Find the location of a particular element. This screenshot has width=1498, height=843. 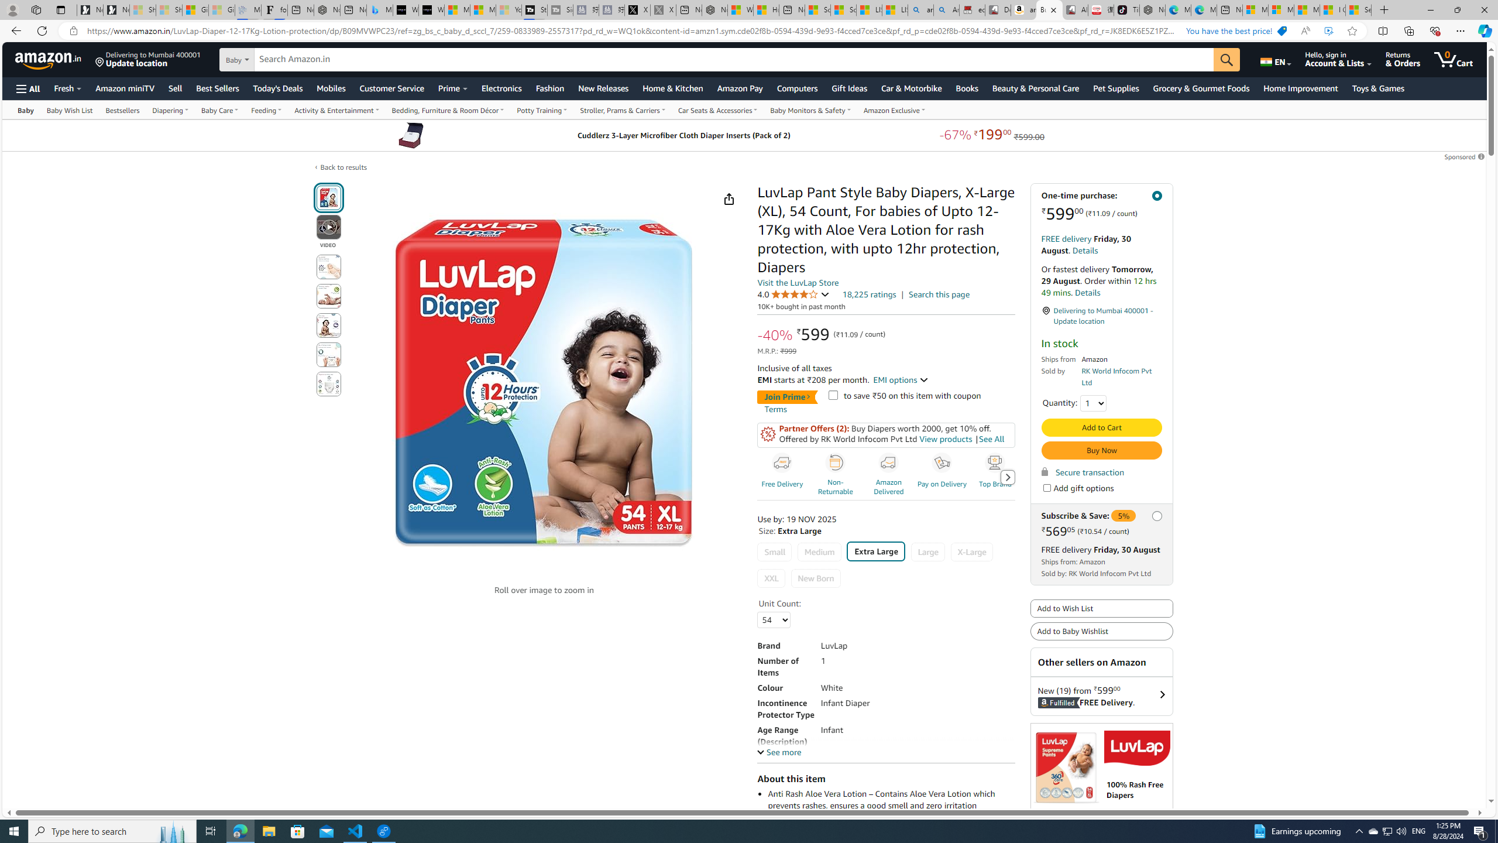

'Back to results' is located at coordinates (343, 166).